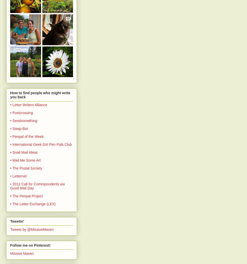  Describe the element at coordinates (26, 168) in the screenshot. I see `'• The Postal Society'` at that location.